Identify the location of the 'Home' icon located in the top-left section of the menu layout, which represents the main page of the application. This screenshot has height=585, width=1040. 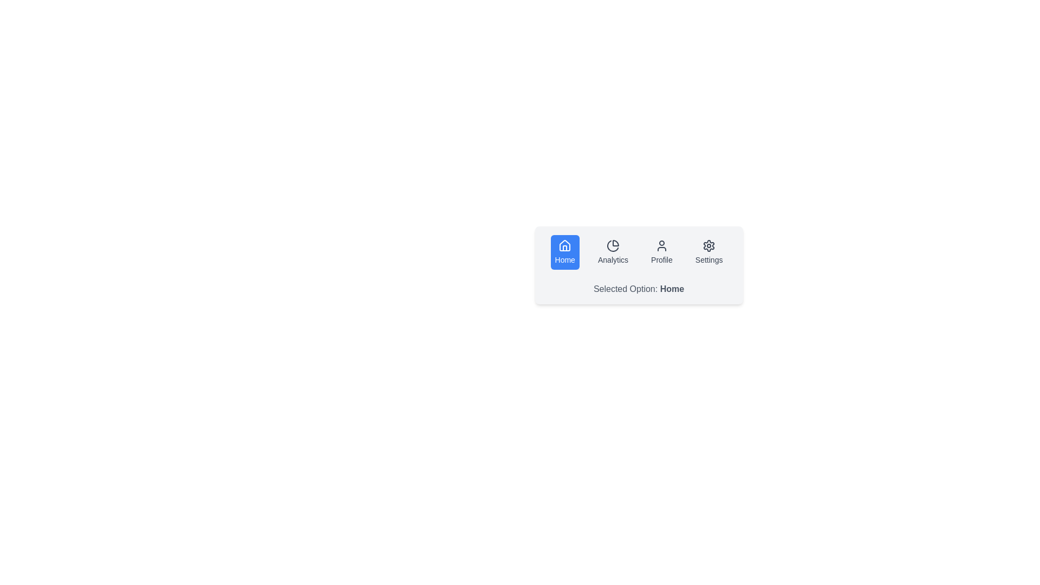
(564, 246).